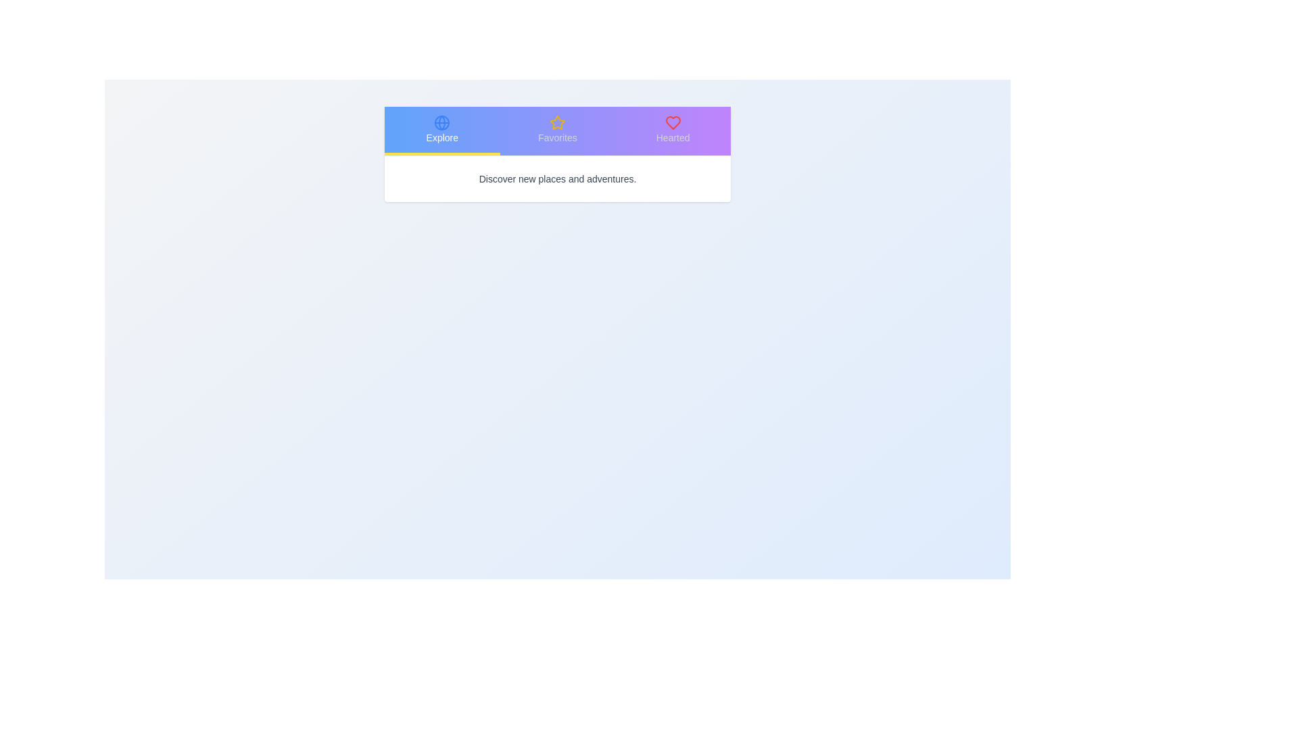 Image resolution: width=1298 pixels, height=730 pixels. Describe the element at coordinates (673, 130) in the screenshot. I see `the tab labeled Hearted` at that location.